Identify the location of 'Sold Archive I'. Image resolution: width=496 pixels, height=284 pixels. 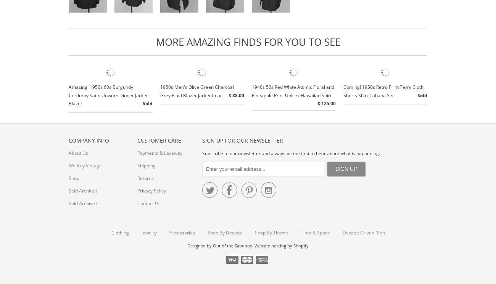
(82, 191).